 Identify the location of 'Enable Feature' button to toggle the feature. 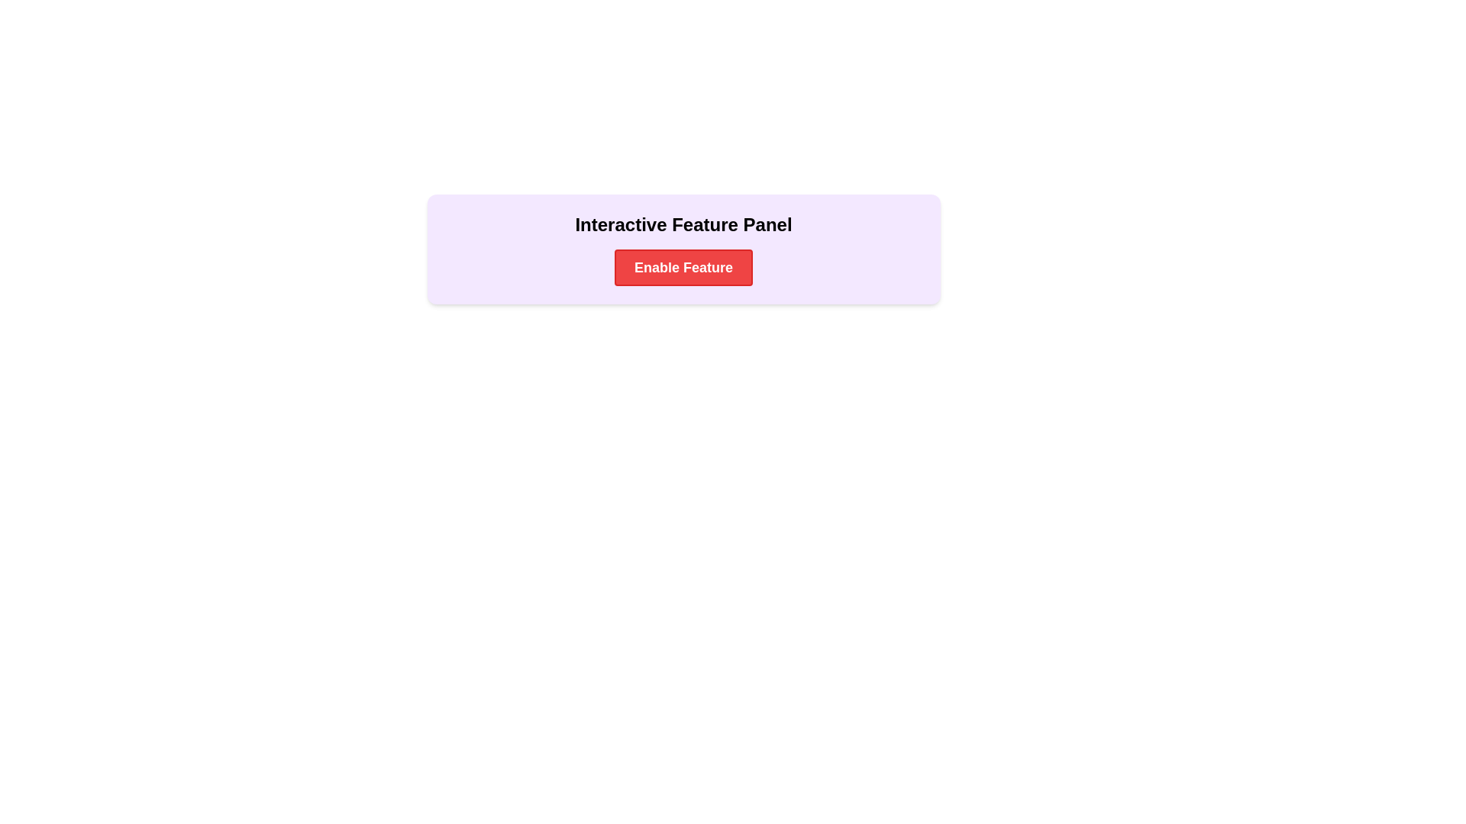
(682, 267).